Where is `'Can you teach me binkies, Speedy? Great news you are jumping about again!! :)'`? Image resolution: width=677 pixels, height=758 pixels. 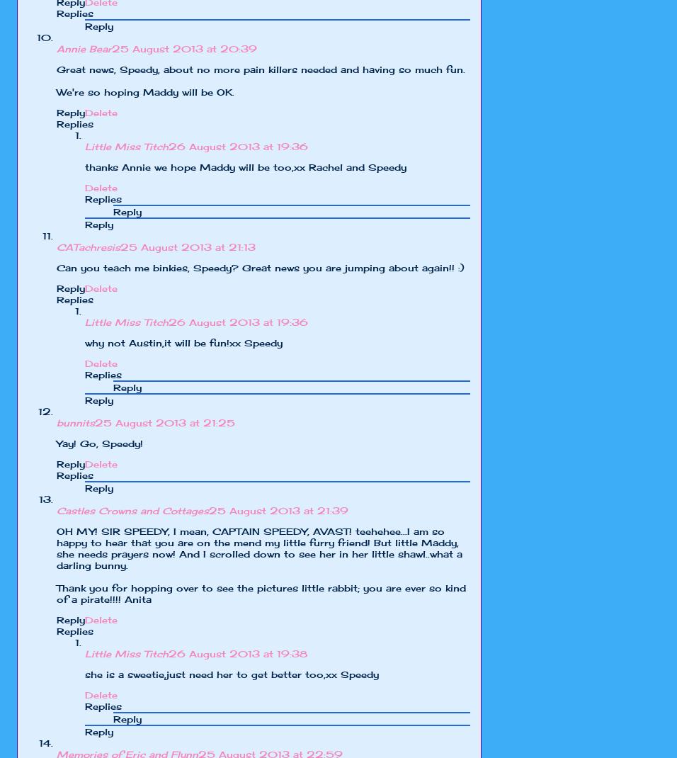 'Can you teach me binkies, Speedy? Great news you are jumping about again!! :)' is located at coordinates (56, 267).